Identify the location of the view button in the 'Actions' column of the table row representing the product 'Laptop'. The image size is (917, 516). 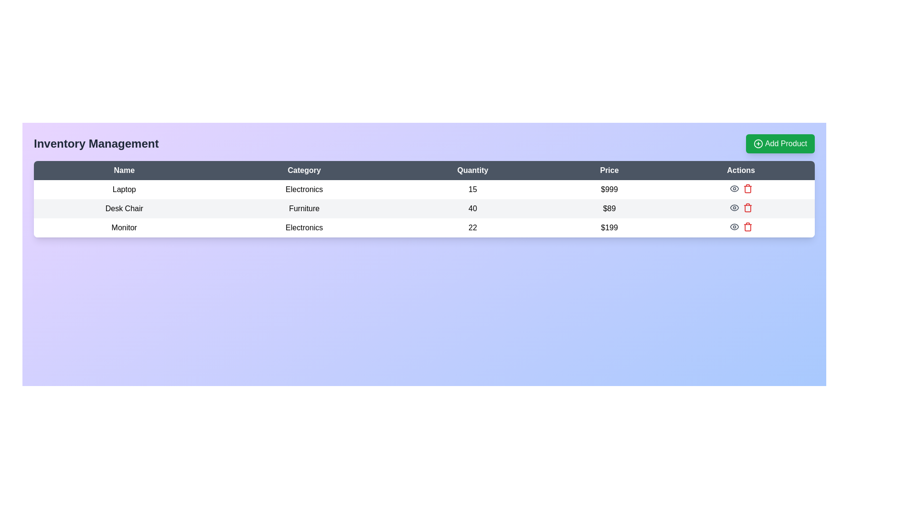
(734, 188).